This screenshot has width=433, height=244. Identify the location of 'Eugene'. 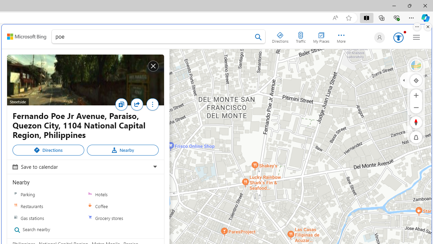
(378, 37).